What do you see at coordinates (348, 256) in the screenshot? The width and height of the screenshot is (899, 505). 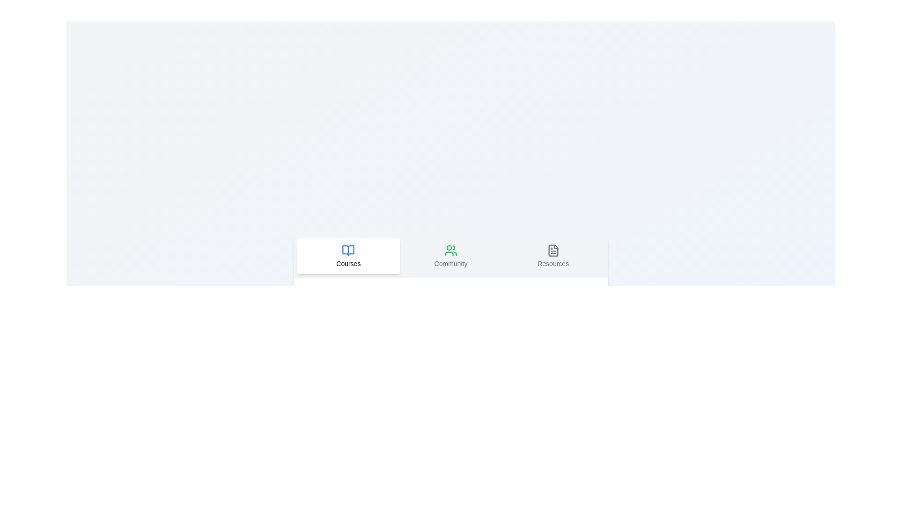 I see `the Courses tab` at bounding box center [348, 256].